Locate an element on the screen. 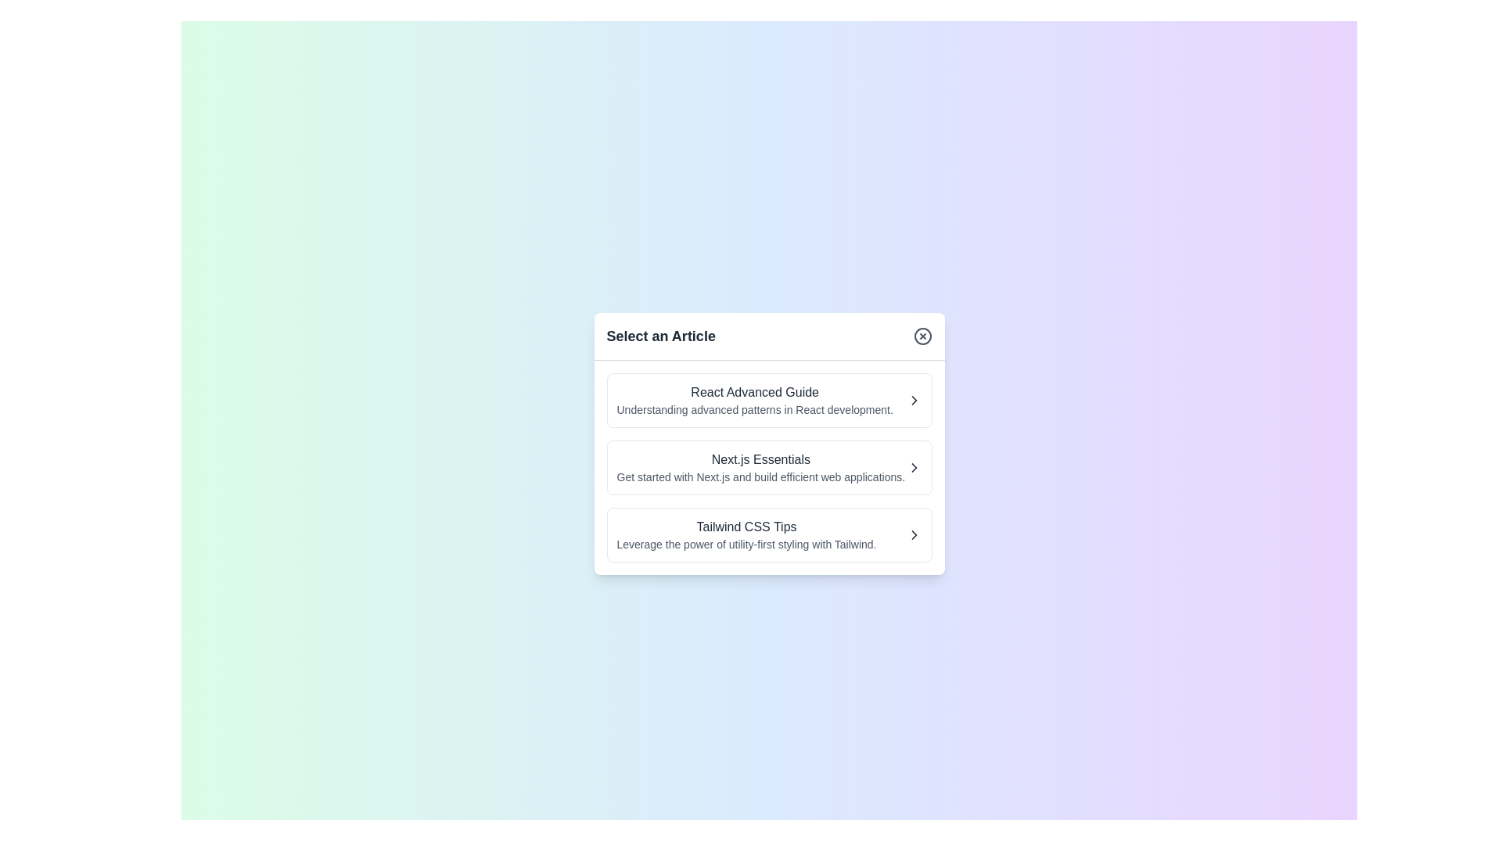  the close button to close the dialog is located at coordinates (922, 335).